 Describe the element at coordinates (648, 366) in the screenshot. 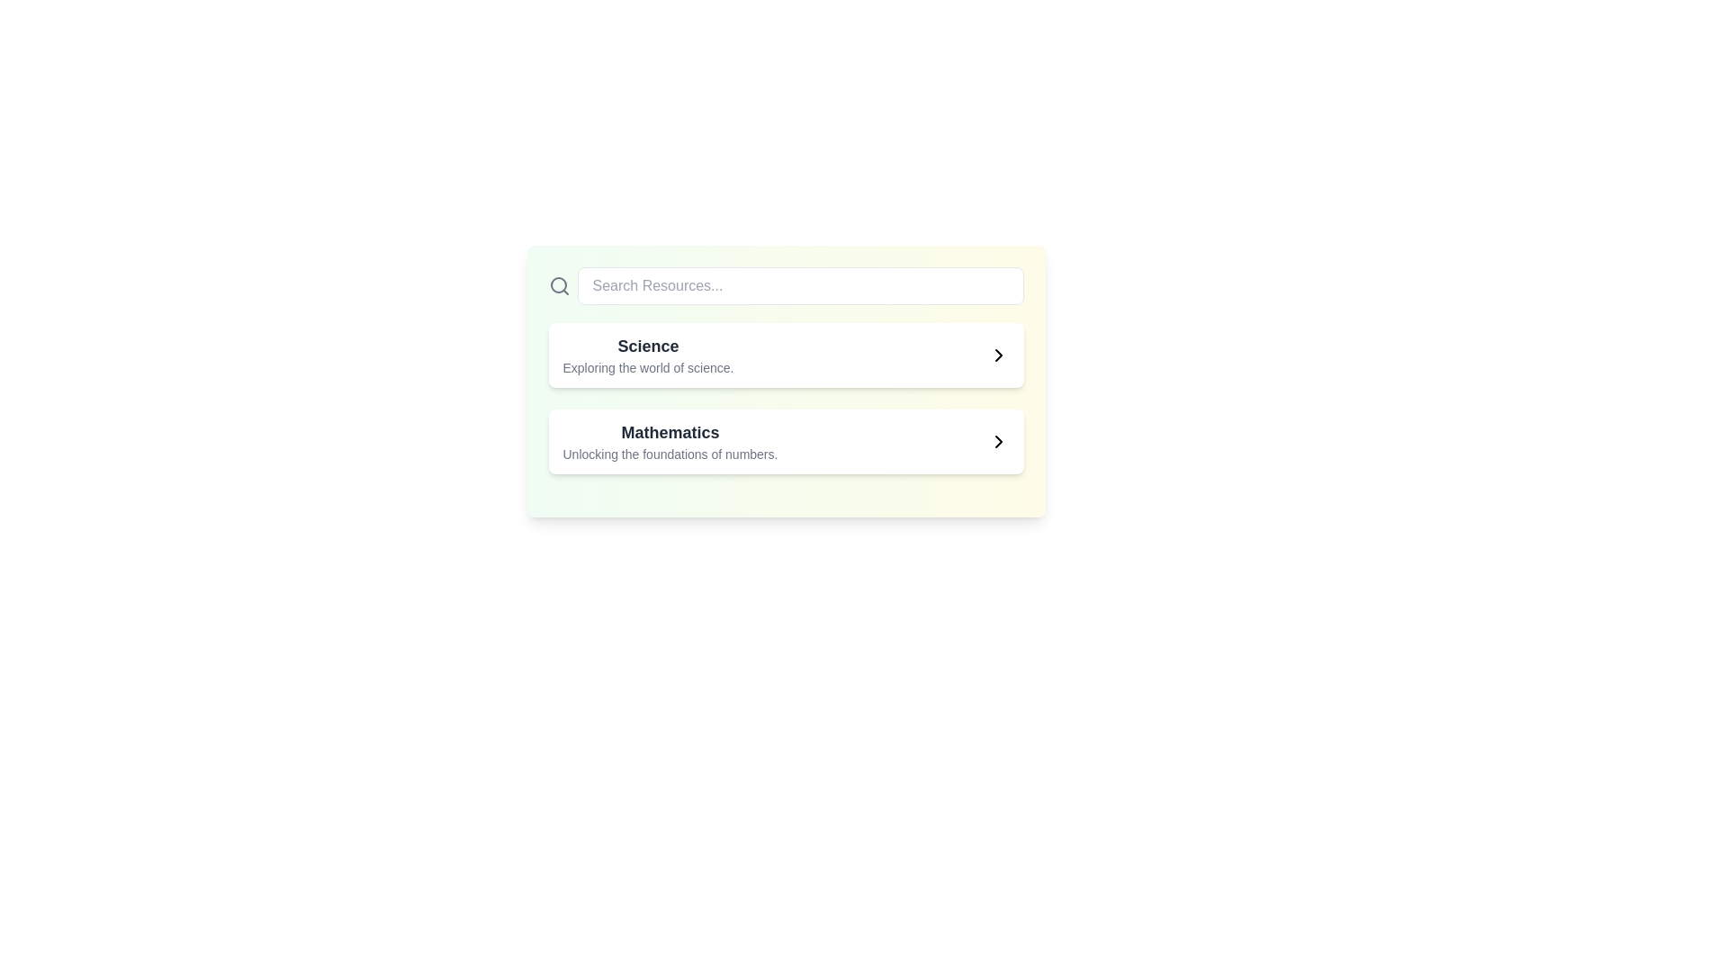

I see `the Text label providing additional information about the 'Science' category, which is located directly below the 'Science' text label` at that location.